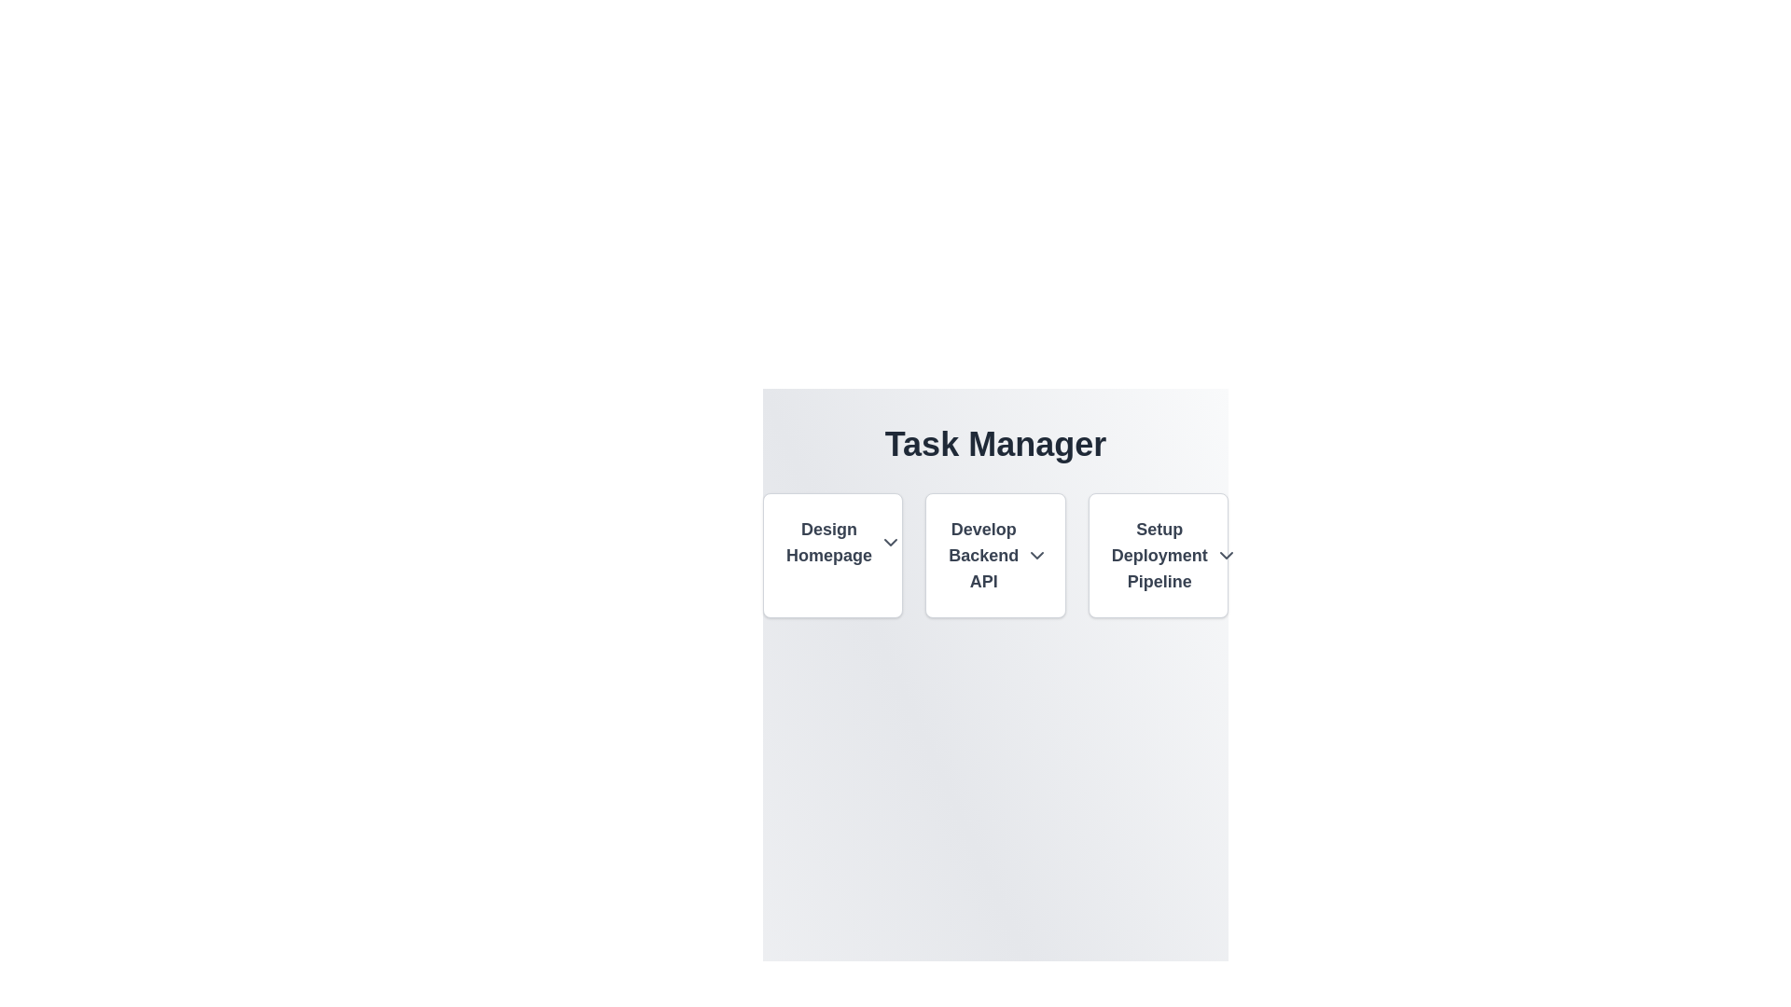  What do you see at coordinates (1159, 555) in the screenshot?
I see `text content of the bold label stating 'Setup Deployment Pipeline' which is located on the right side of a list of cards` at bounding box center [1159, 555].